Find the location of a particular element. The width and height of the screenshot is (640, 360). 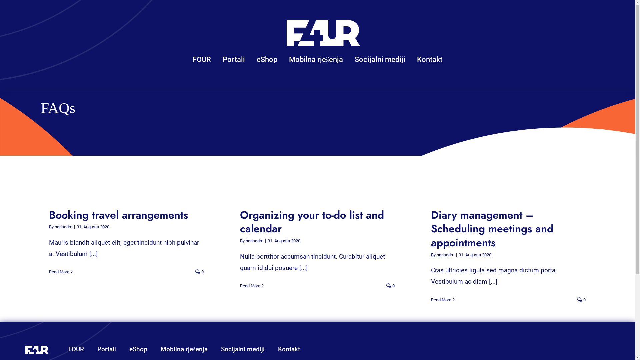

'eShop' is located at coordinates (267, 60).